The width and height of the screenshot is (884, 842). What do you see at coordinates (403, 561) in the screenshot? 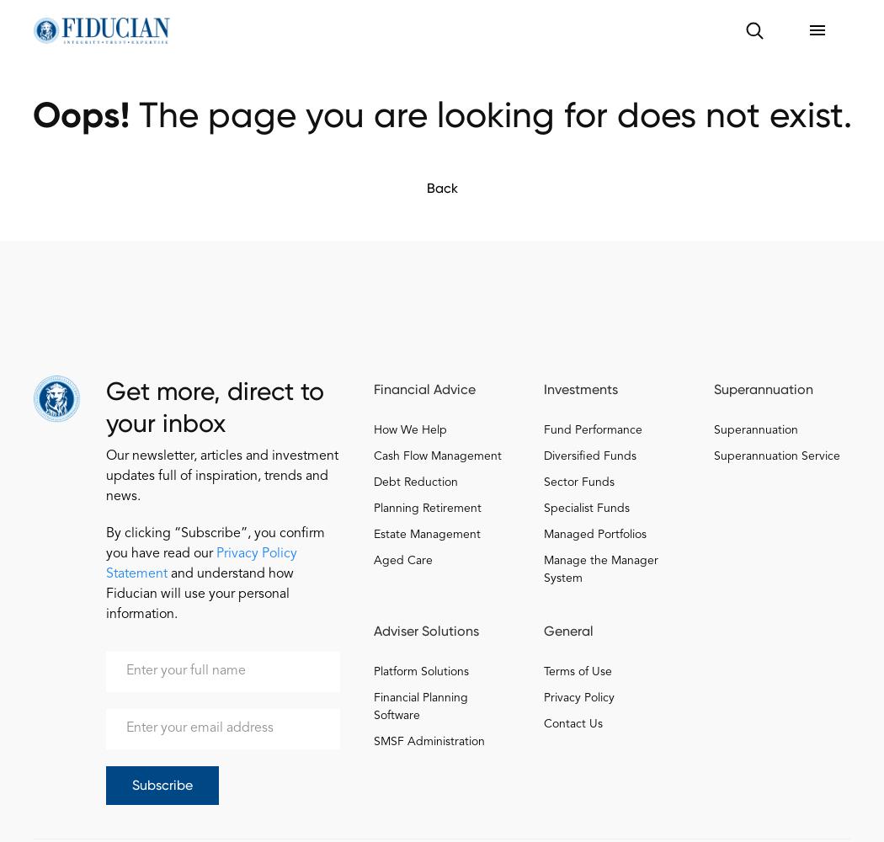
I see `'Aged Care'` at bounding box center [403, 561].